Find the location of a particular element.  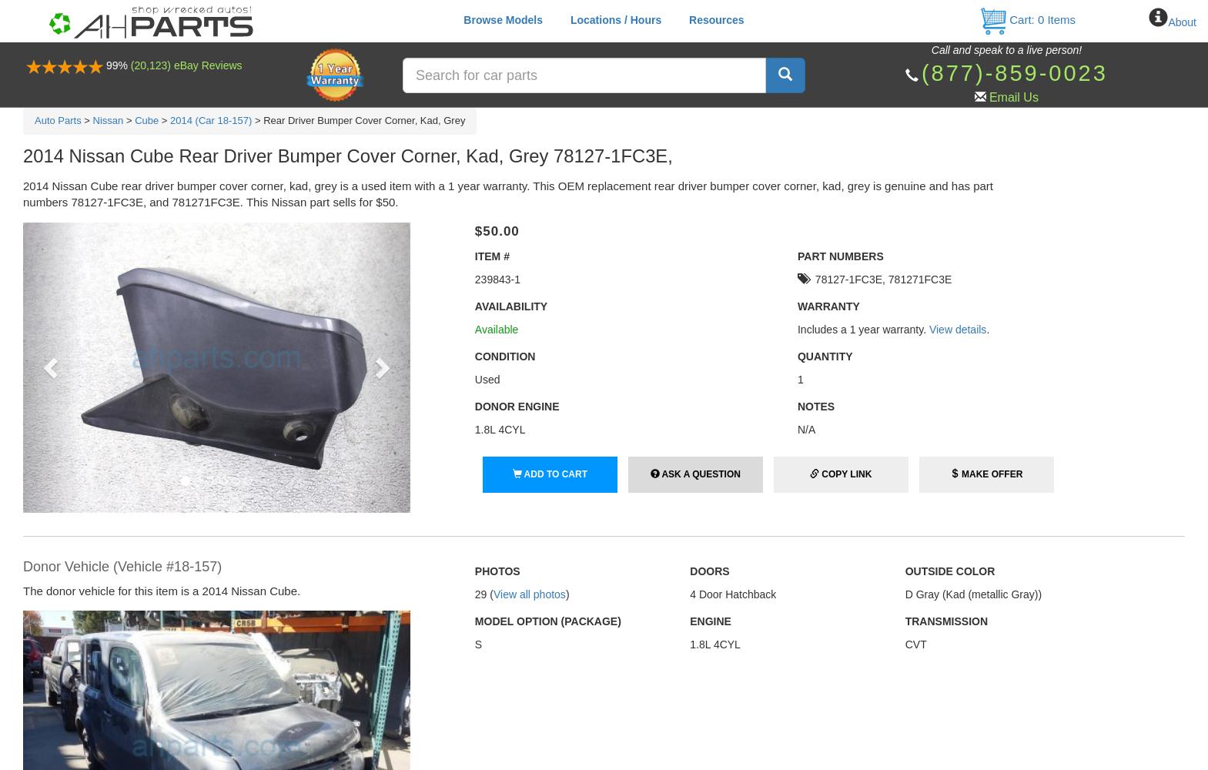

'Copy Link' is located at coordinates (822, 474).